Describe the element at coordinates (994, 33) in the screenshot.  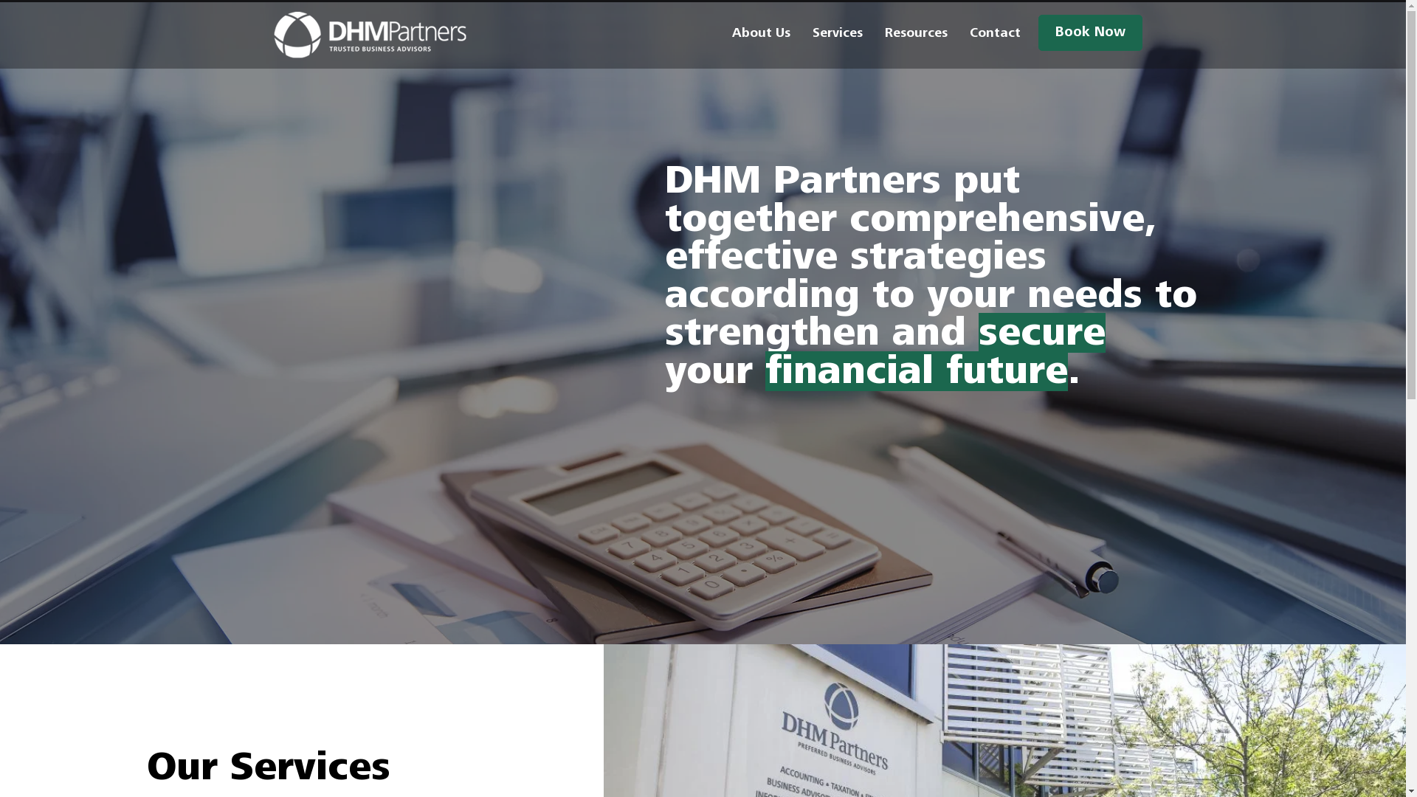
I see `'Contact'` at that location.